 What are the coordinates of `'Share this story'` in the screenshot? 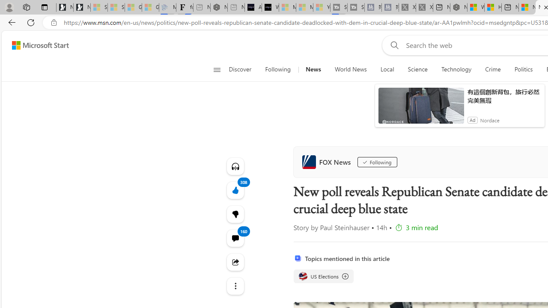 It's located at (235, 261).